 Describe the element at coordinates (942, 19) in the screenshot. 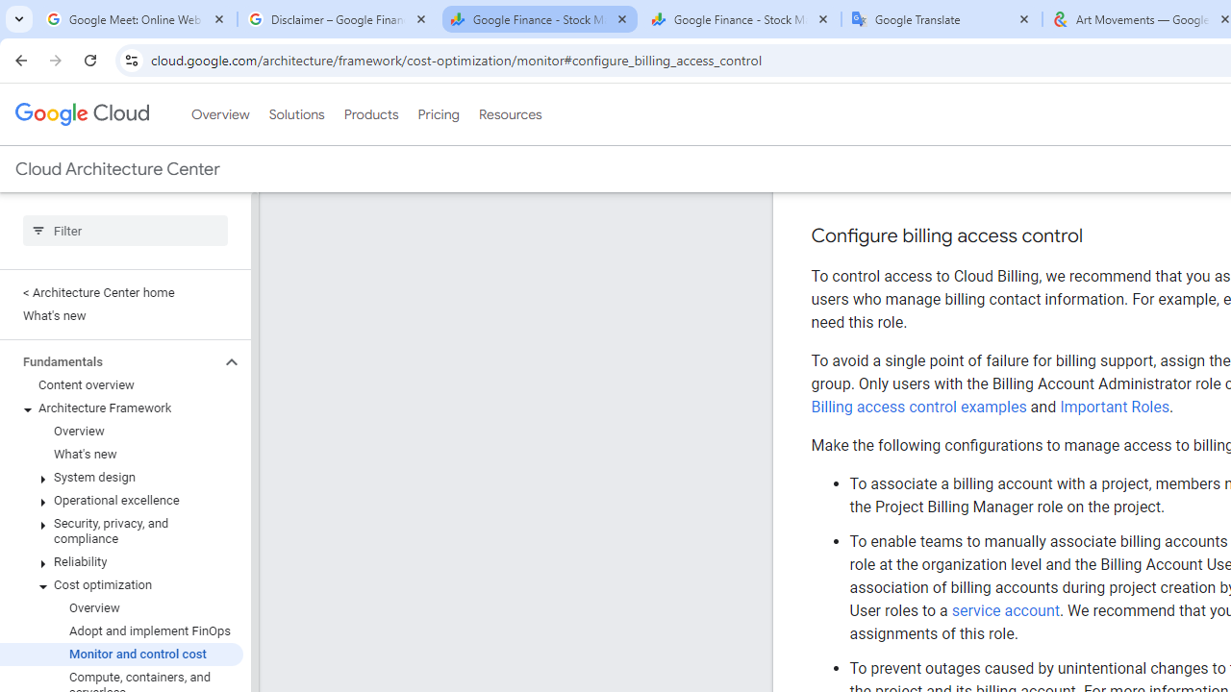

I see `'Google Translate'` at that location.